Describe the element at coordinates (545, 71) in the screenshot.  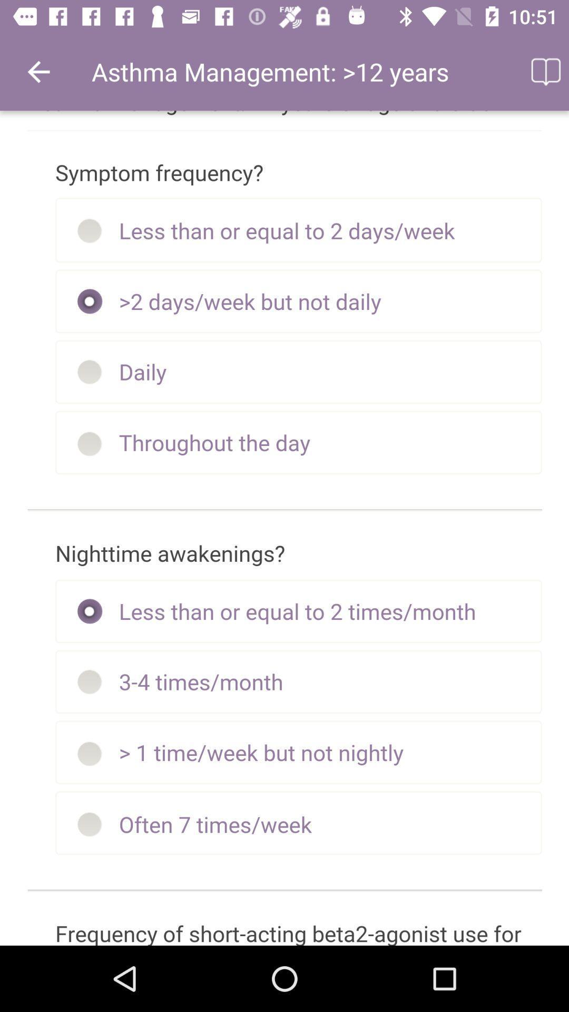
I see `the icon to the right of asthma management 12` at that location.